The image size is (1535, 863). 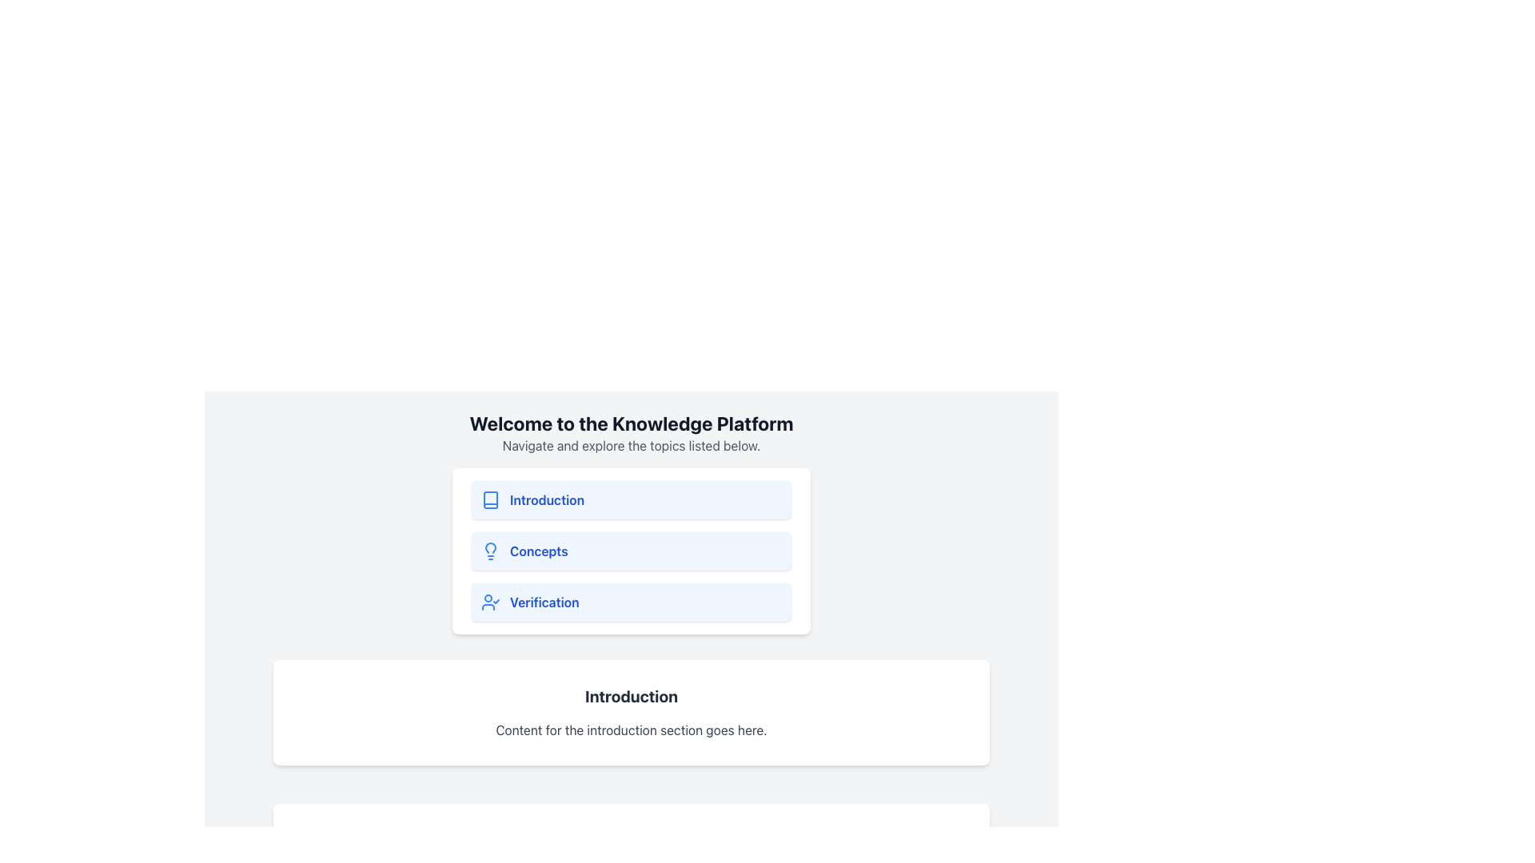 What do you see at coordinates (631, 433) in the screenshot?
I see `message displayed in the text block that contains a bold heading 'Welcome to the Knowledge Platform' and a descriptive instruction 'Navigate and explore the topics listed below.'` at bounding box center [631, 433].